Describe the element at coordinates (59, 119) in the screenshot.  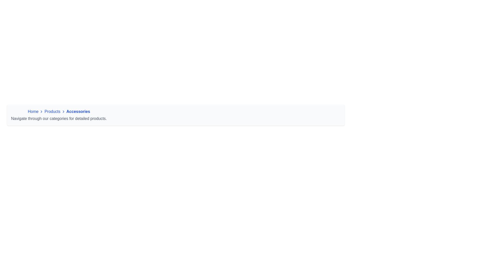
I see `the descriptive Label located beneath the breadcrumb navigation bar that spans its width, which guides users related to categories and products` at that location.